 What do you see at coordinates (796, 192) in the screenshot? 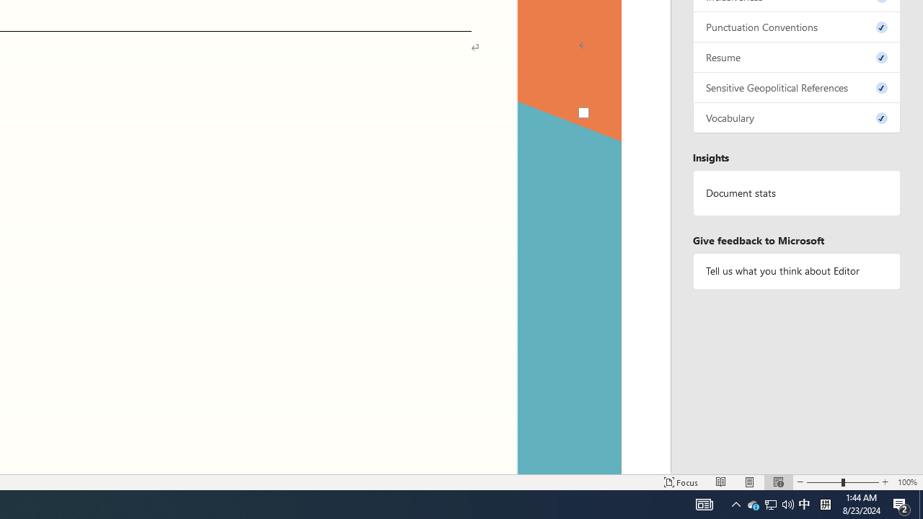
I see `'Document statistics'` at bounding box center [796, 192].